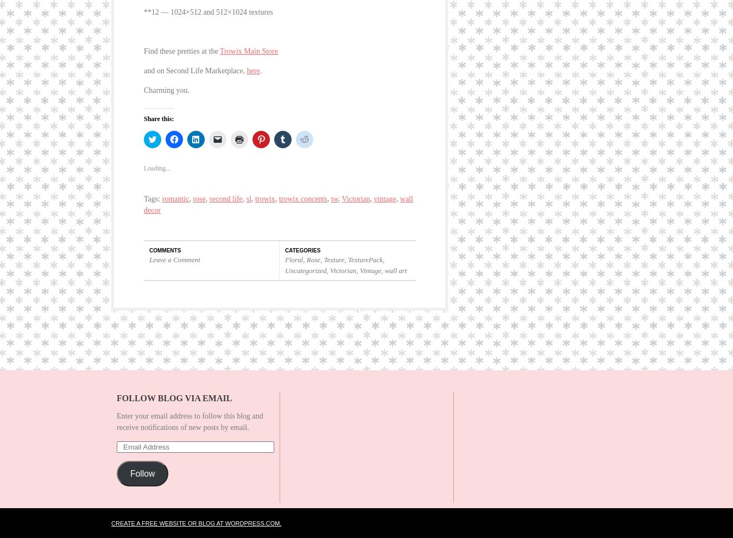 Image resolution: width=733 pixels, height=538 pixels. Describe the element at coordinates (278, 188) in the screenshot. I see `'trowix concepts'` at that location.